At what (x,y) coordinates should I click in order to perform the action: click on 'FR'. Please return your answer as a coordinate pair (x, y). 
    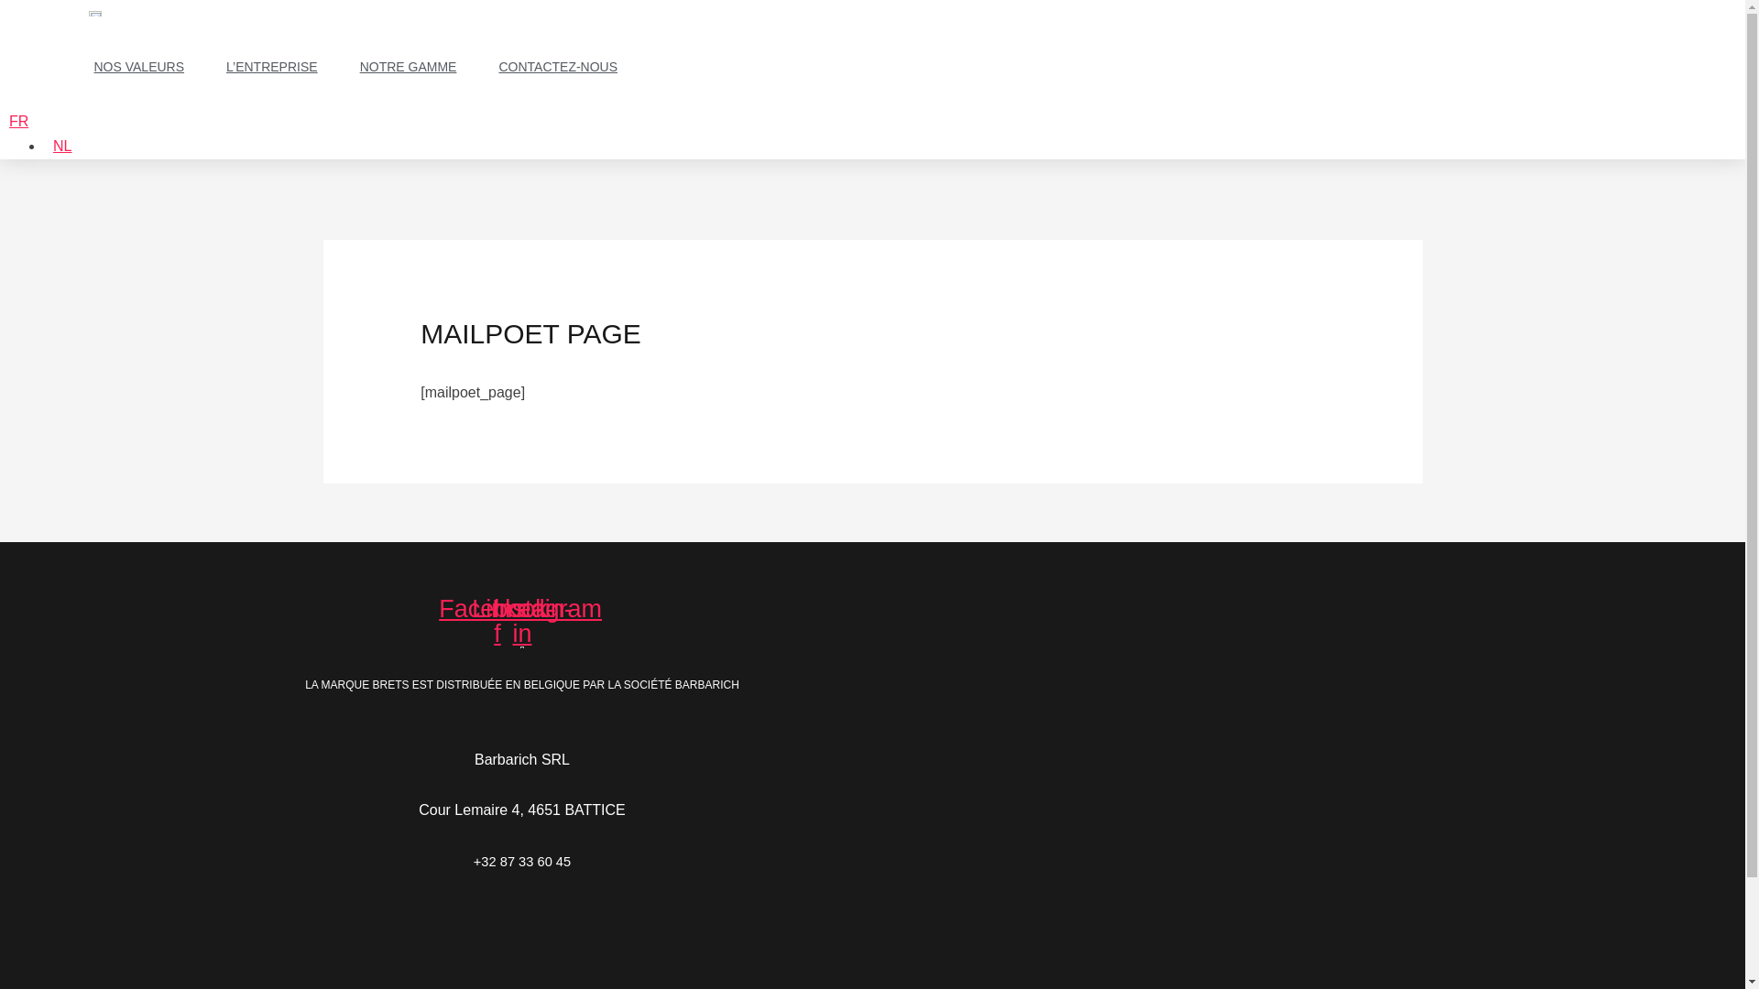
    Looking at the image, I should click on (18, 121).